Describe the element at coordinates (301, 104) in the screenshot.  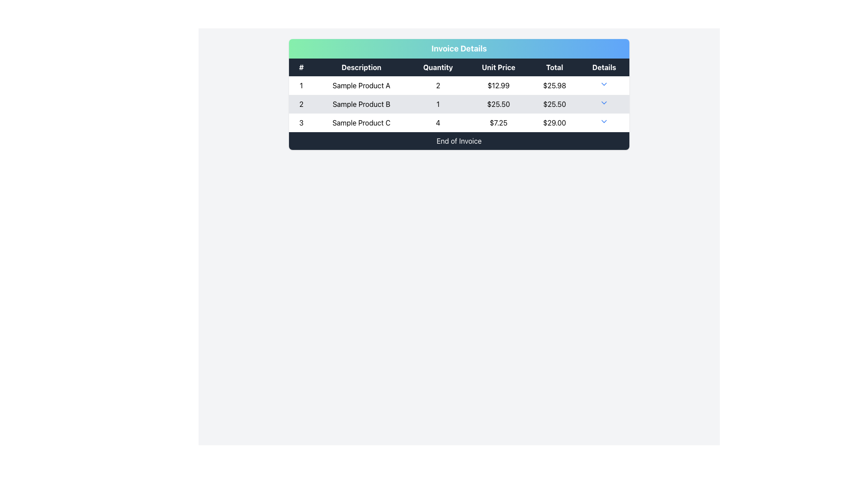
I see `the Text label displaying the number '2' in bold font style, located in the second row of the table under the '#' column, aligned with 'Sample Product B'` at that location.